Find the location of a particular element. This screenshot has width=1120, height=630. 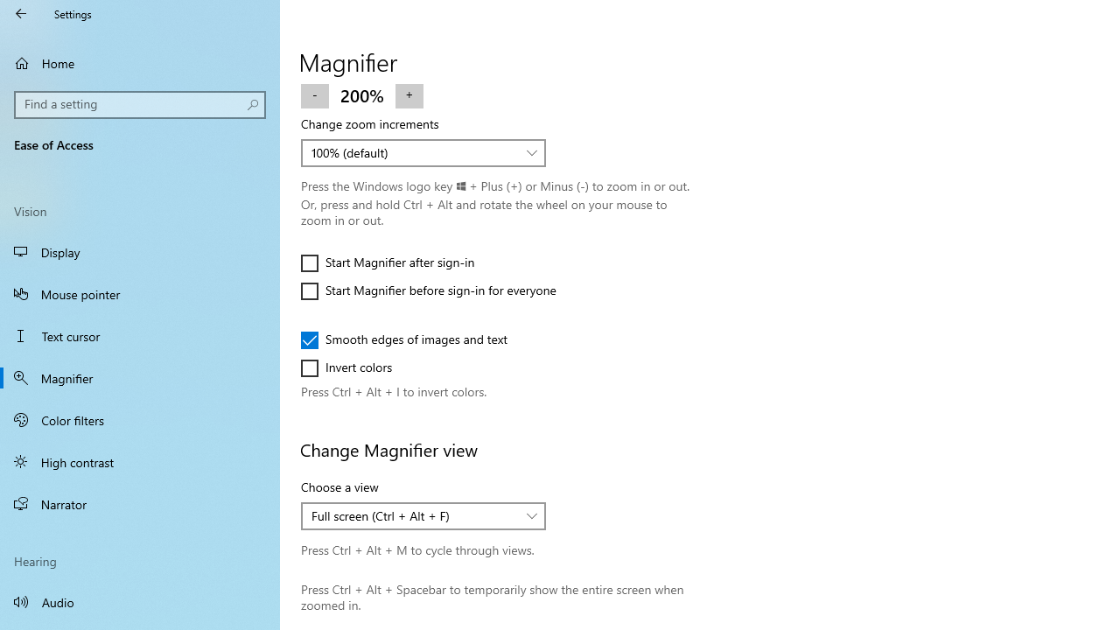

'High contrast' is located at coordinates (140, 461).